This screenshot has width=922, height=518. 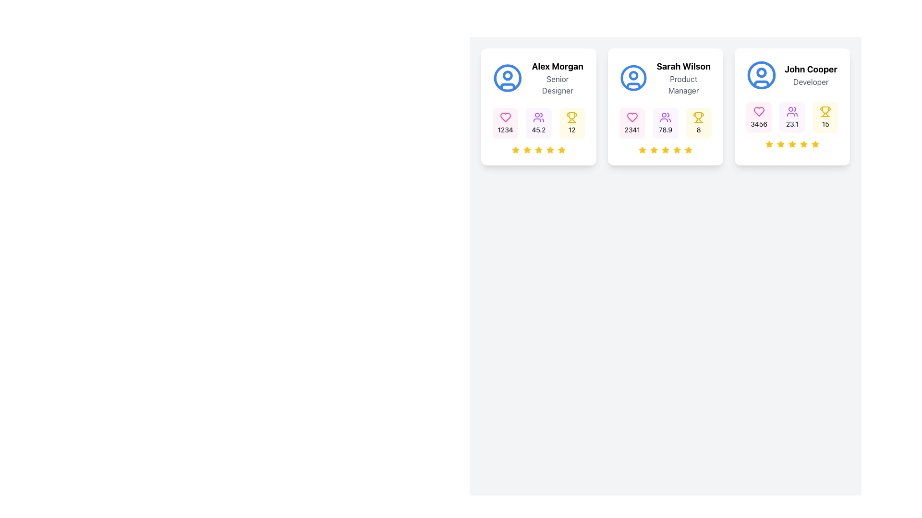 What do you see at coordinates (825, 111) in the screenshot?
I see `the trophy icon in the lower section of John Cooper's profile card, which signifies achievement metrics and is positioned above the numeric value '15'` at bounding box center [825, 111].